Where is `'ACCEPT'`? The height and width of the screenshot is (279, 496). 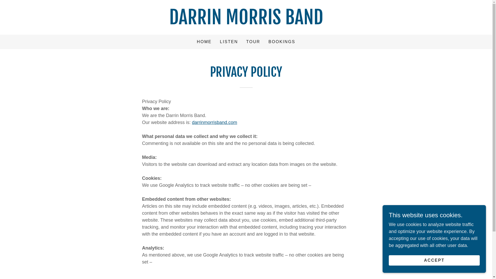 'ACCEPT' is located at coordinates (434, 260).